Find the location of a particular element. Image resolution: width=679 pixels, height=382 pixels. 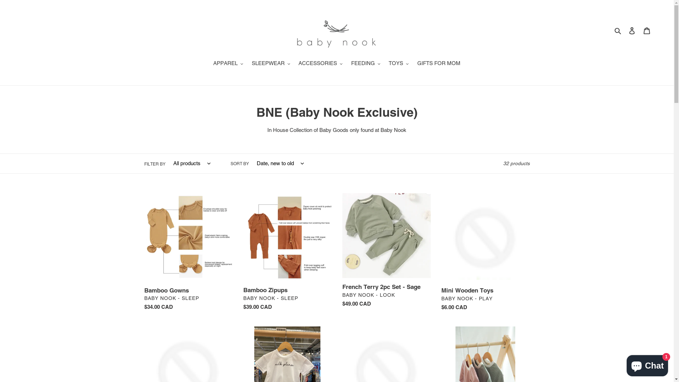

'Cart' is located at coordinates (646, 30).